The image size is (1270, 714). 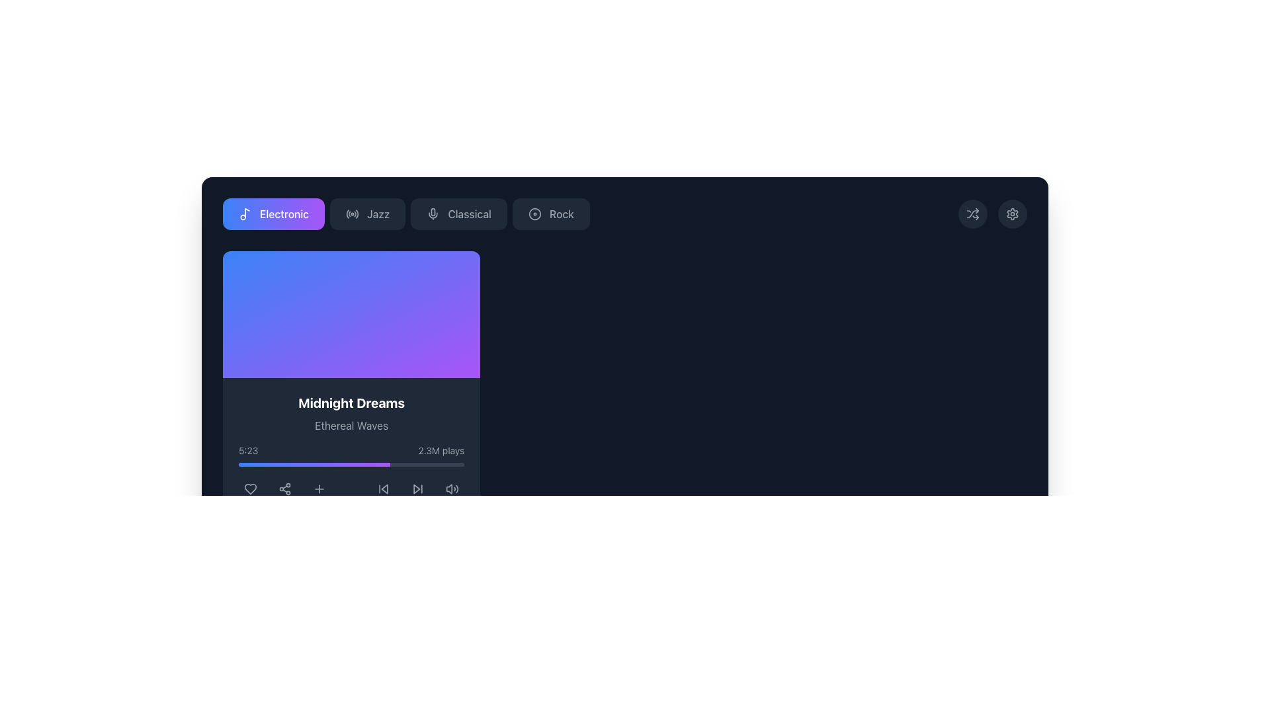 I want to click on the slider value, so click(x=288, y=463).